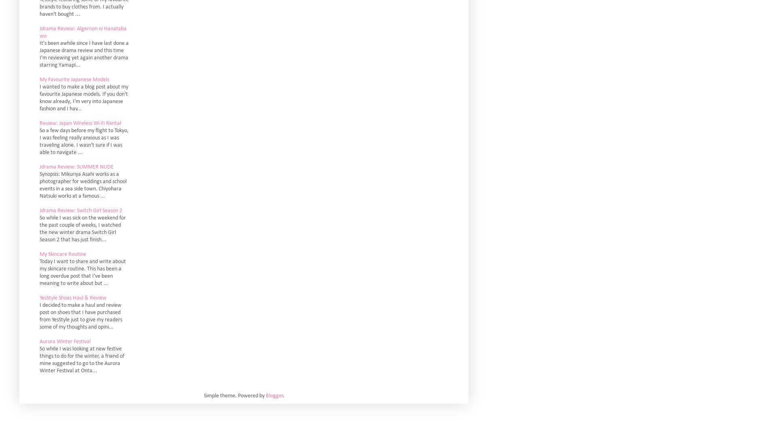 This screenshot has width=768, height=422. I want to click on 'My Skincare Routine', so click(63, 254).